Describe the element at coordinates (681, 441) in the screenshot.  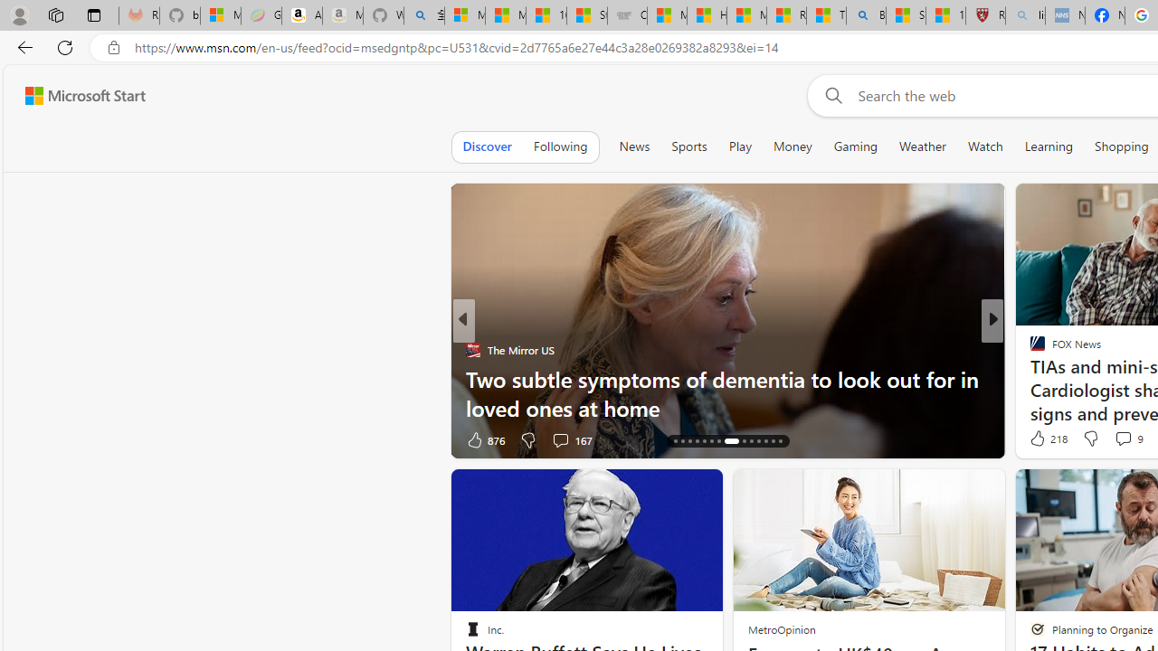
I see `'AutomationID: tab-16'` at that location.